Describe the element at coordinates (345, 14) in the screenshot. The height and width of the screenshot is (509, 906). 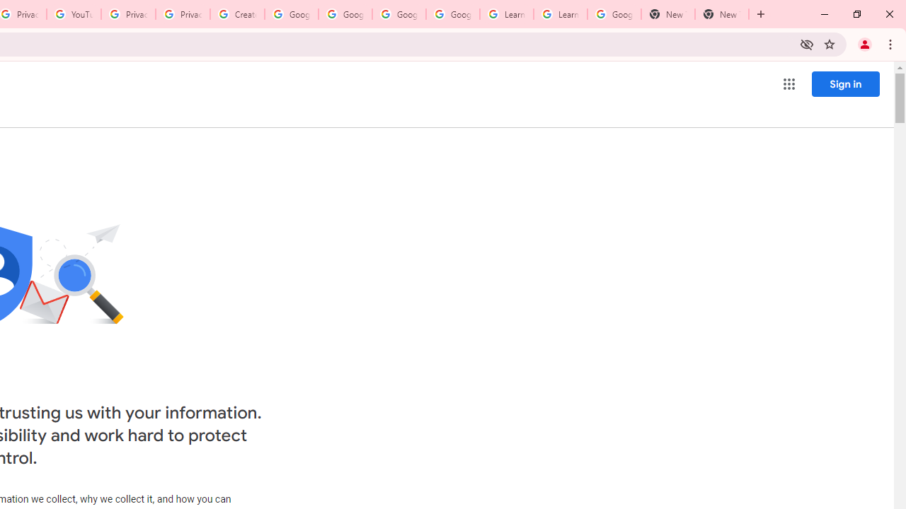
I see `'Google Account Help'` at that location.